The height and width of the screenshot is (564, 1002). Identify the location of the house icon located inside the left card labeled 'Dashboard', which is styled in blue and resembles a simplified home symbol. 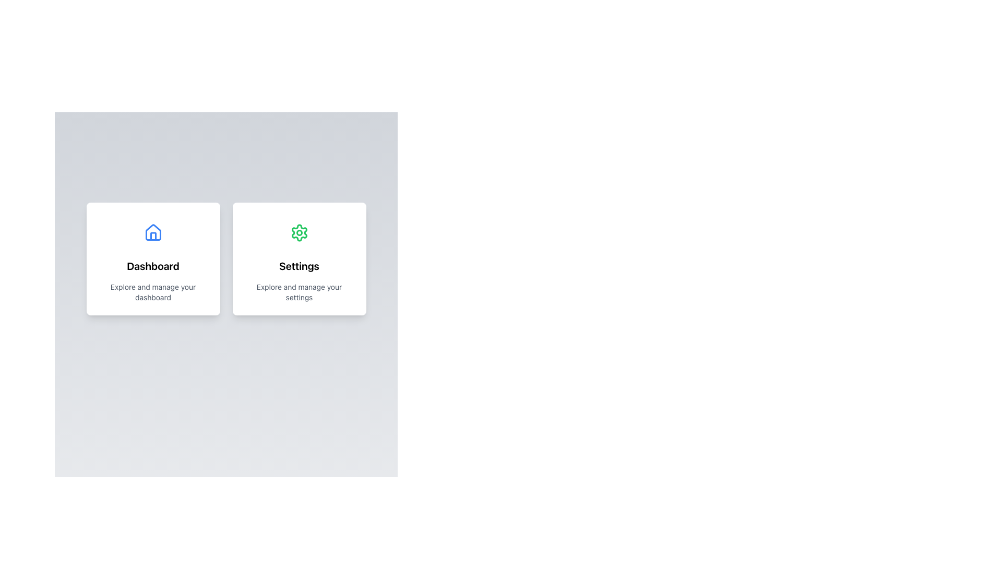
(152, 232).